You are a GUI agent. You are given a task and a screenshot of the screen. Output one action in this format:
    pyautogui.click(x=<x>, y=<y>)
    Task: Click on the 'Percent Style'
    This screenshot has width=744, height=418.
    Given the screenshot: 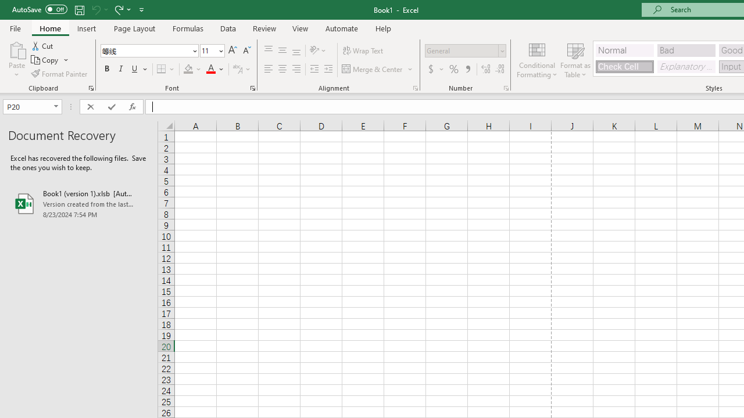 What is the action you would take?
    pyautogui.click(x=453, y=69)
    